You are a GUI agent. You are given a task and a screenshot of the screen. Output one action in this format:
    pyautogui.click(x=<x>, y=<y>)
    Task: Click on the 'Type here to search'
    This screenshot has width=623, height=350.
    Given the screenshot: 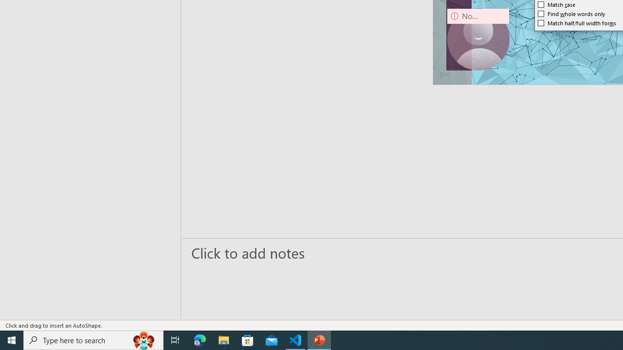 What is the action you would take?
    pyautogui.click(x=93, y=339)
    